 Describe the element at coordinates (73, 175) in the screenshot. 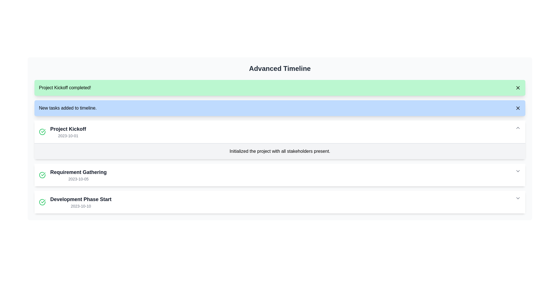

I see `the completed status indicator labeled 'Requirement Gathering'` at that location.